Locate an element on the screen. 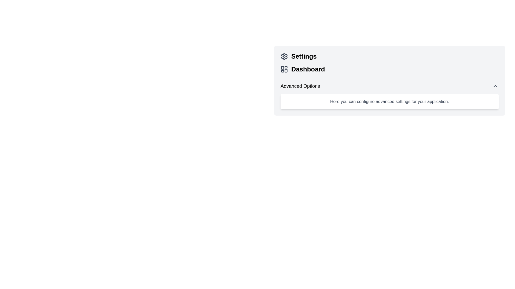 The image size is (515, 289). the gear-shaped icon with a dark outline indicating settings functionality, located immediately to the left of the 'Settings' text is located at coordinates (284, 56).